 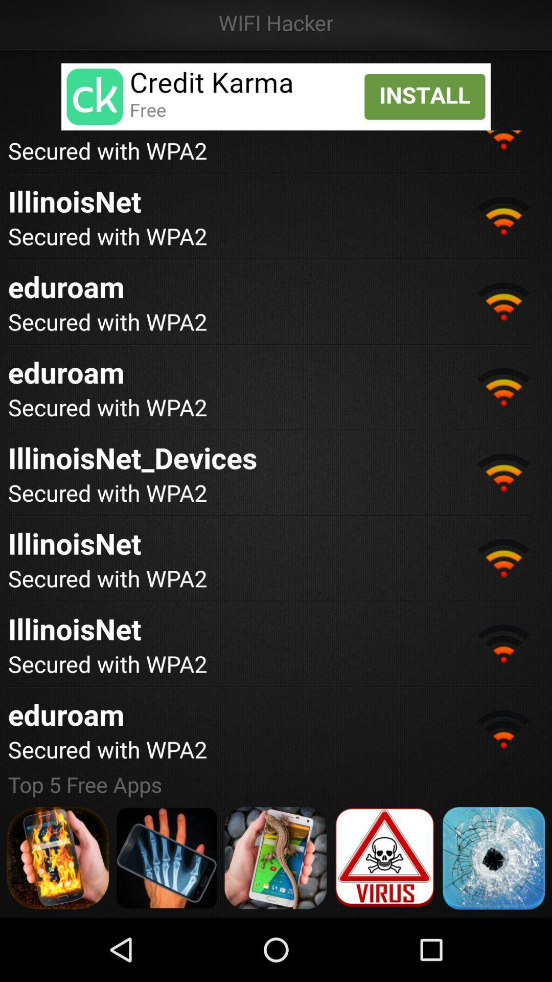 What do you see at coordinates (384, 858) in the screenshot?
I see `anti virus application` at bounding box center [384, 858].